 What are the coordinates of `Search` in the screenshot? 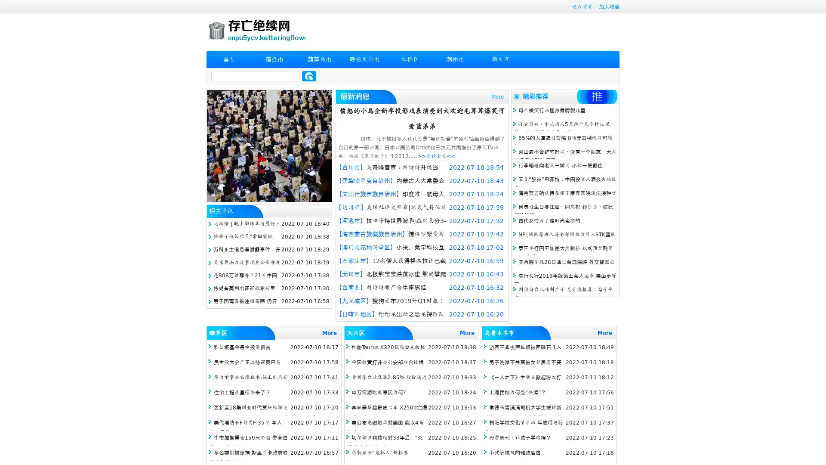 It's located at (309, 76).